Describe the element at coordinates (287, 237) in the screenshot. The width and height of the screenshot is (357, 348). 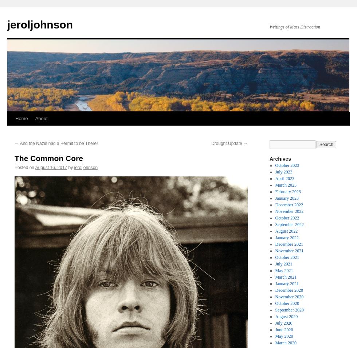
I see `'January 2022'` at that location.